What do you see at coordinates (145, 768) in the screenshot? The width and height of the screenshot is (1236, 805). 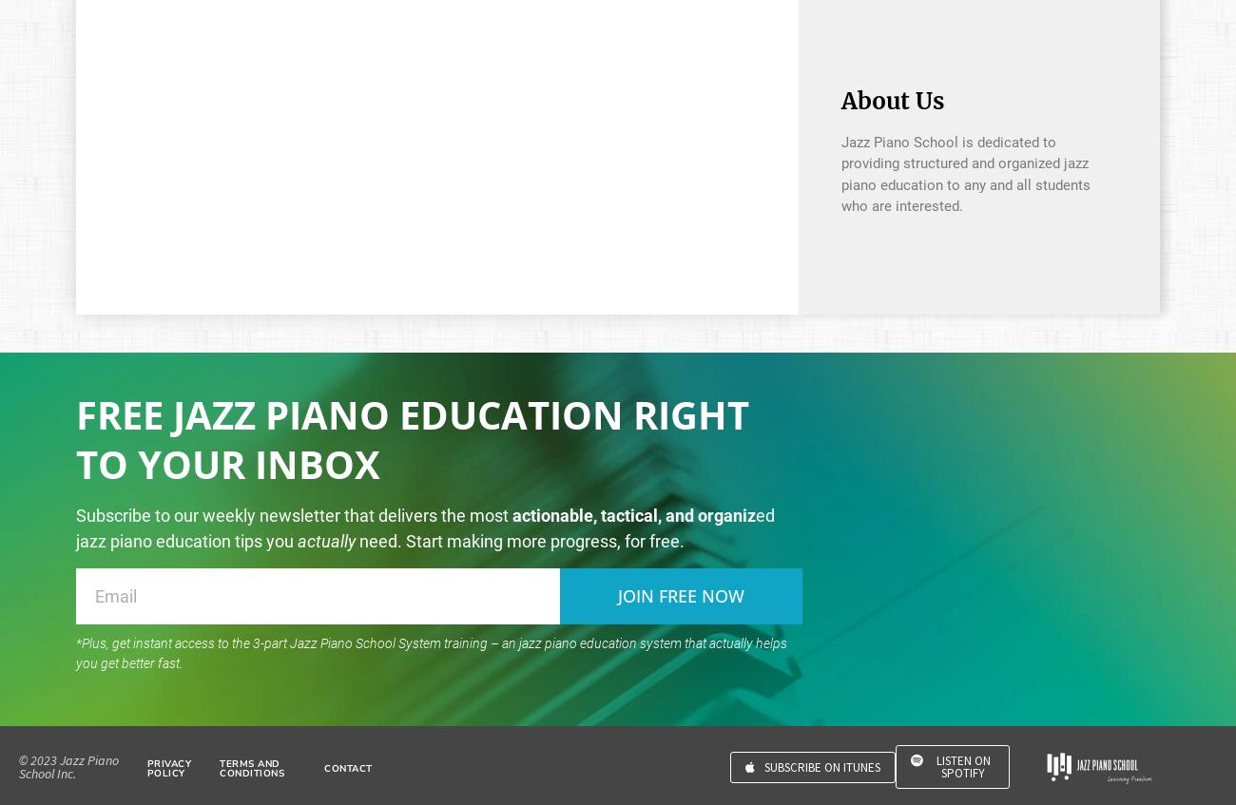 I see `'PRIVACY POLICY'` at bounding box center [145, 768].